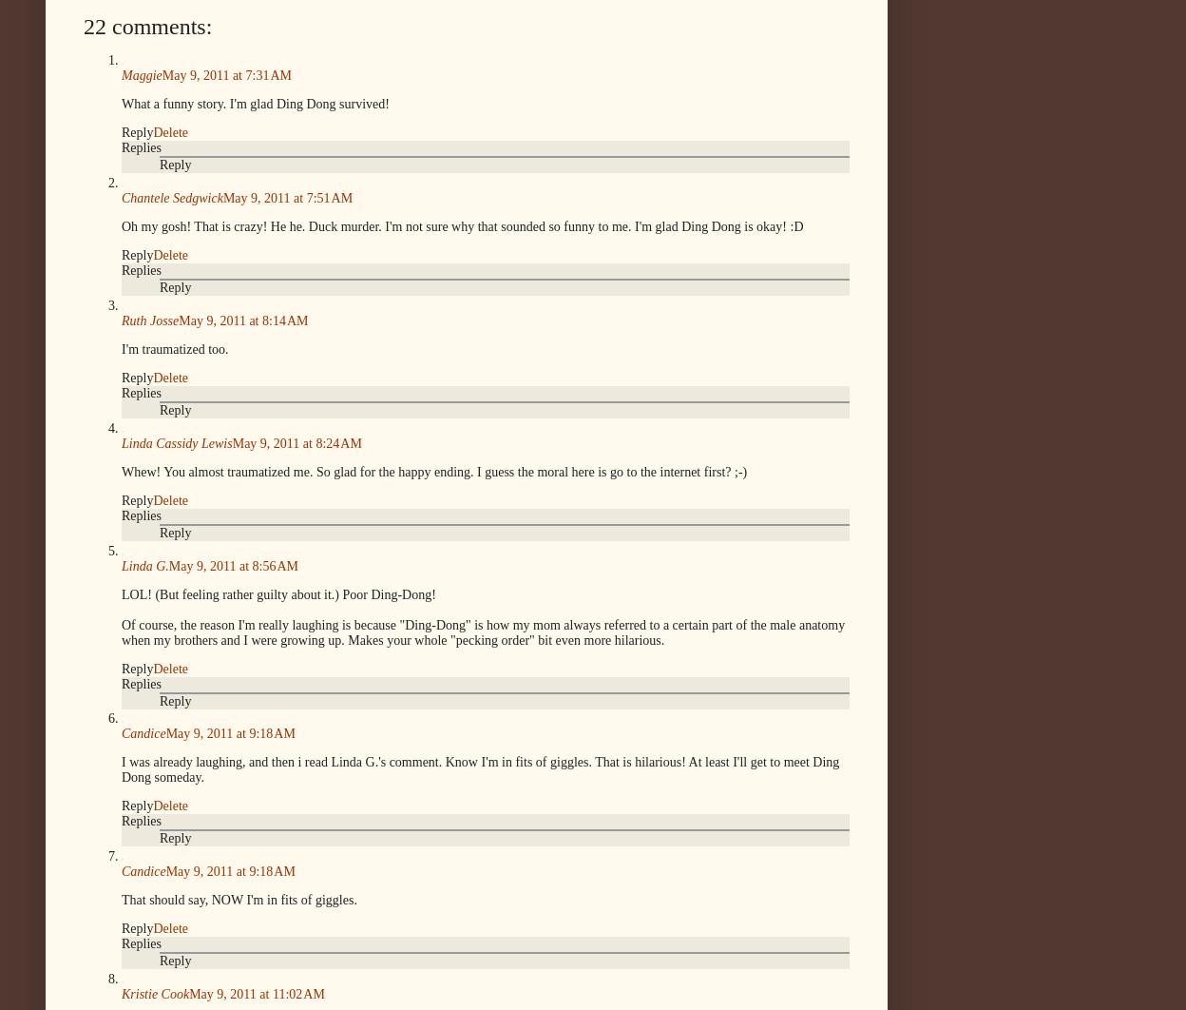 Image resolution: width=1186 pixels, height=1010 pixels. What do you see at coordinates (122, 320) in the screenshot?
I see `'Ruth Josse'` at bounding box center [122, 320].